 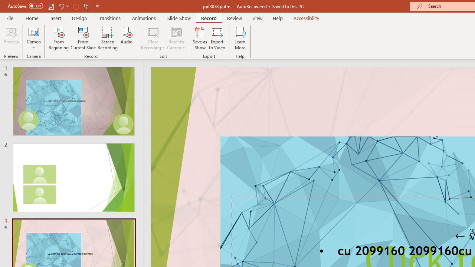 I want to click on 'Preview', so click(x=11, y=38).